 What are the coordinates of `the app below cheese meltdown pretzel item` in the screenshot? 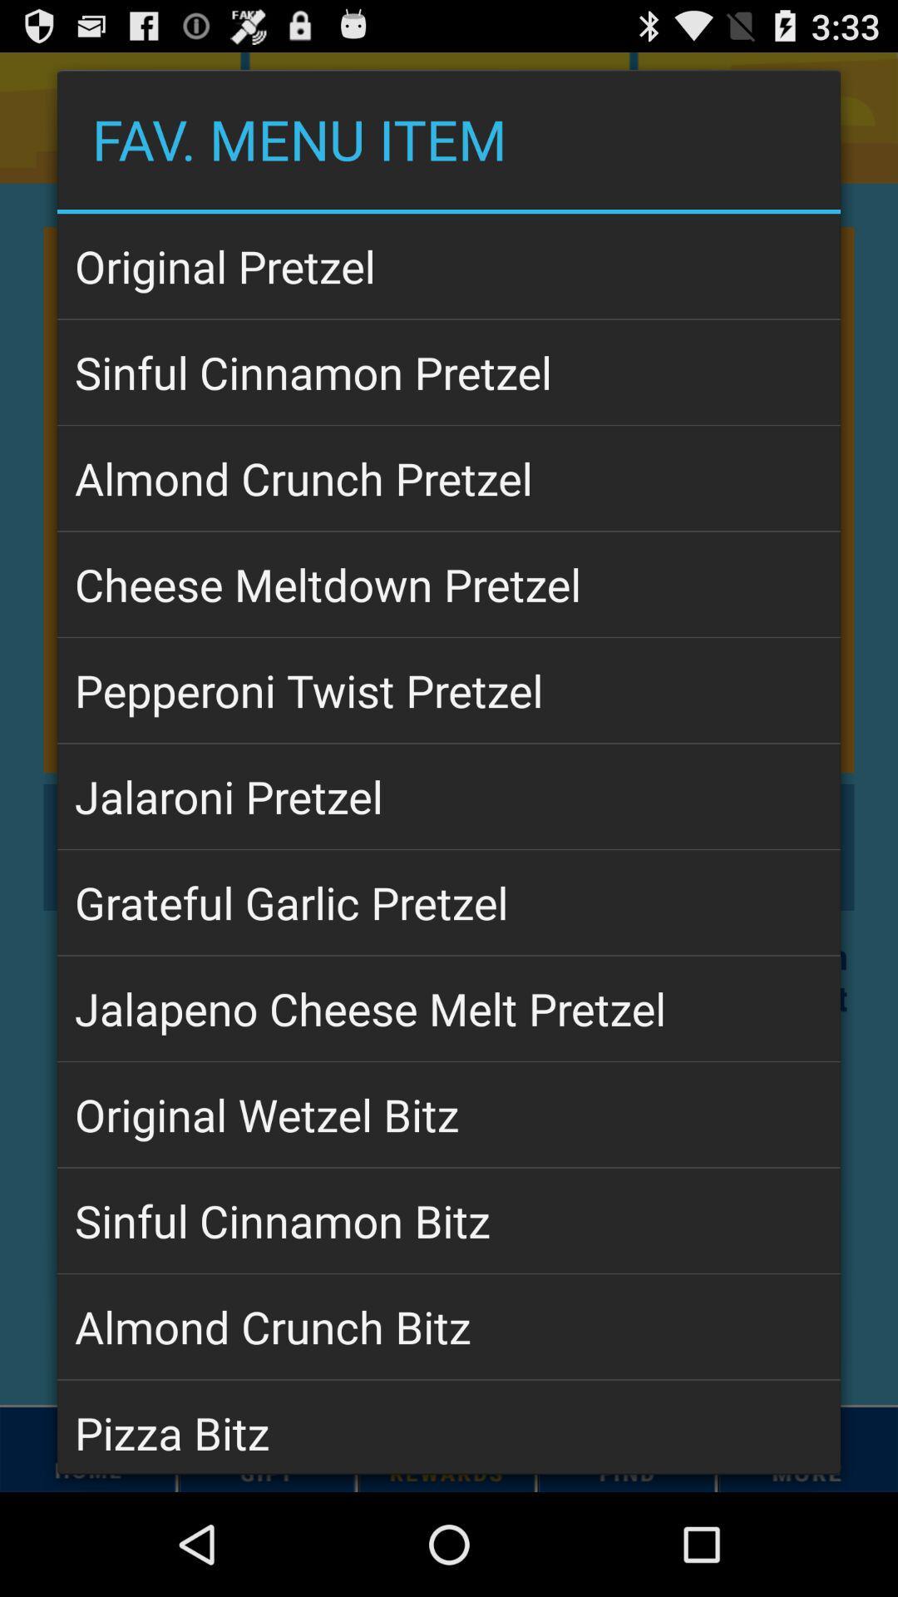 It's located at (449, 690).